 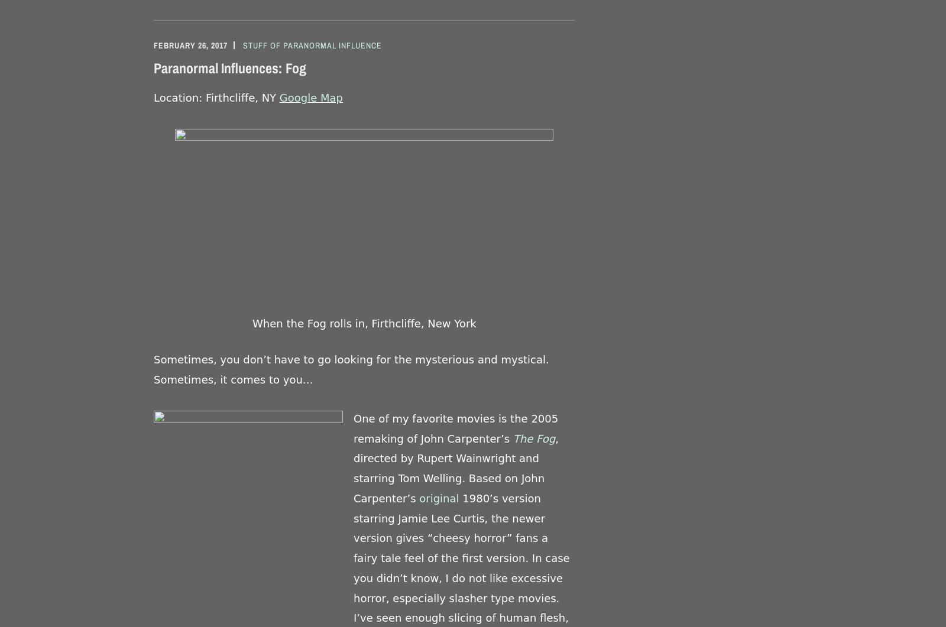 What do you see at coordinates (350, 368) in the screenshot?
I see `'Sometimes, you don’t have to go looking for the mysterious and mystical. Sometimes, it comes to you…'` at bounding box center [350, 368].